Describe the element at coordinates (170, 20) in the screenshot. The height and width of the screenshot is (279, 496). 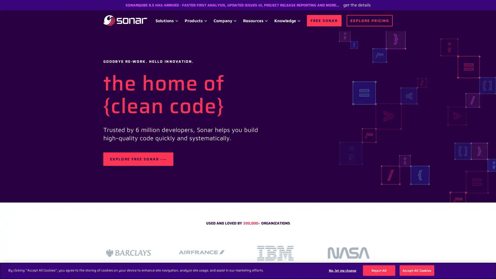
I see `Solutions` at that location.